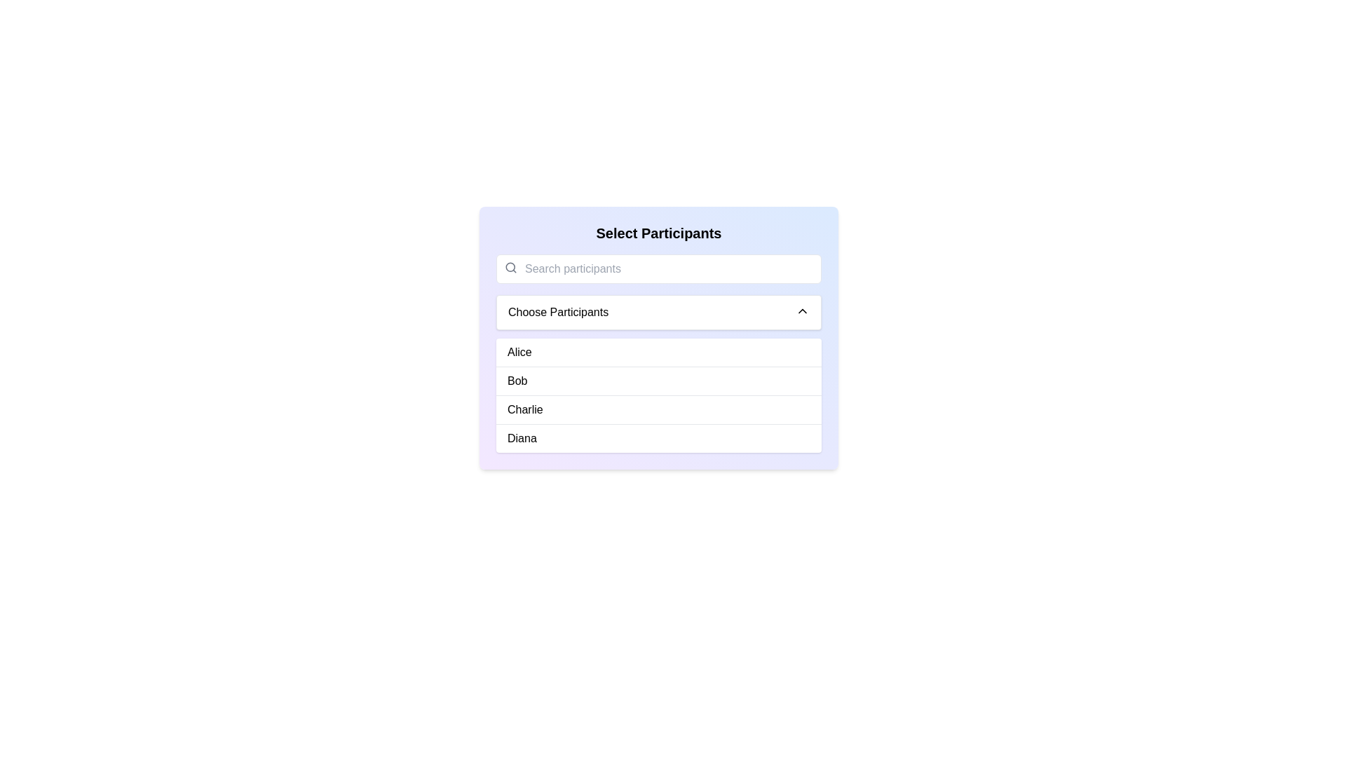 This screenshot has height=757, width=1346. What do you see at coordinates (658, 437) in the screenshot?
I see `the list item labeled 'Diana'` at bounding box center [658, 437].